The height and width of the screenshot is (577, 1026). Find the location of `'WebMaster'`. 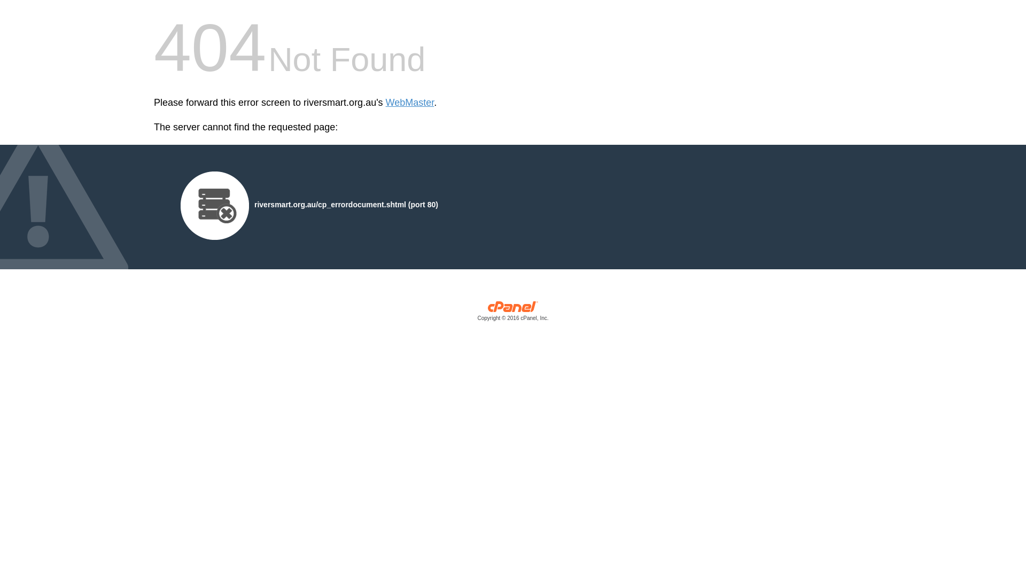

'WebMaster' is located at coordinates (409, 103).